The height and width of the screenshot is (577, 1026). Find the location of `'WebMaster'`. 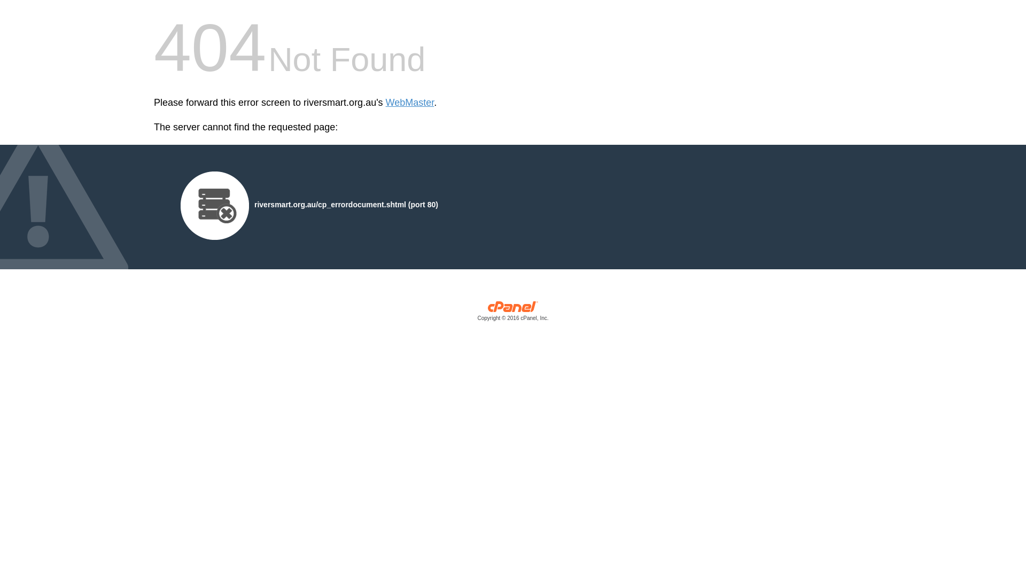

'WebMaster' is located at coordinates (409, 103).